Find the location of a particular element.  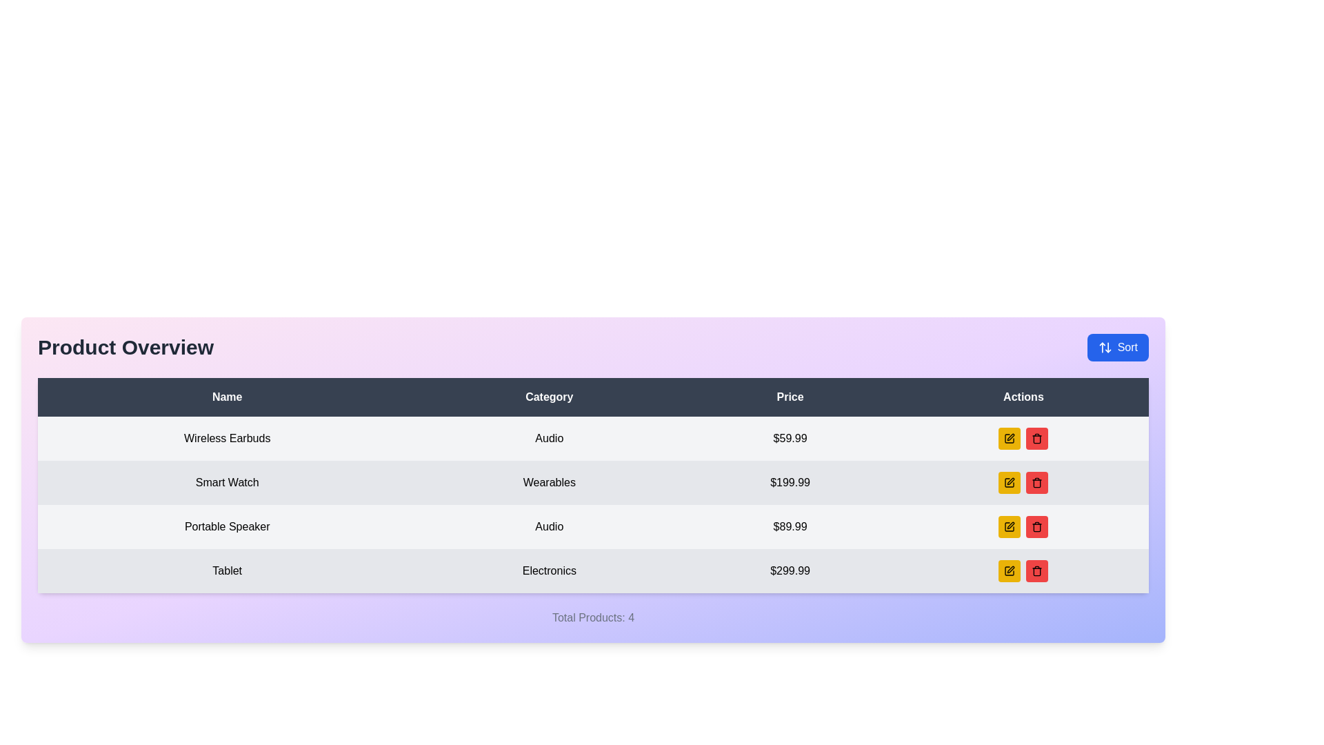

the yellow pen icon in the fourth row of the 'Actions' column is located at coordinates (1011, 569).